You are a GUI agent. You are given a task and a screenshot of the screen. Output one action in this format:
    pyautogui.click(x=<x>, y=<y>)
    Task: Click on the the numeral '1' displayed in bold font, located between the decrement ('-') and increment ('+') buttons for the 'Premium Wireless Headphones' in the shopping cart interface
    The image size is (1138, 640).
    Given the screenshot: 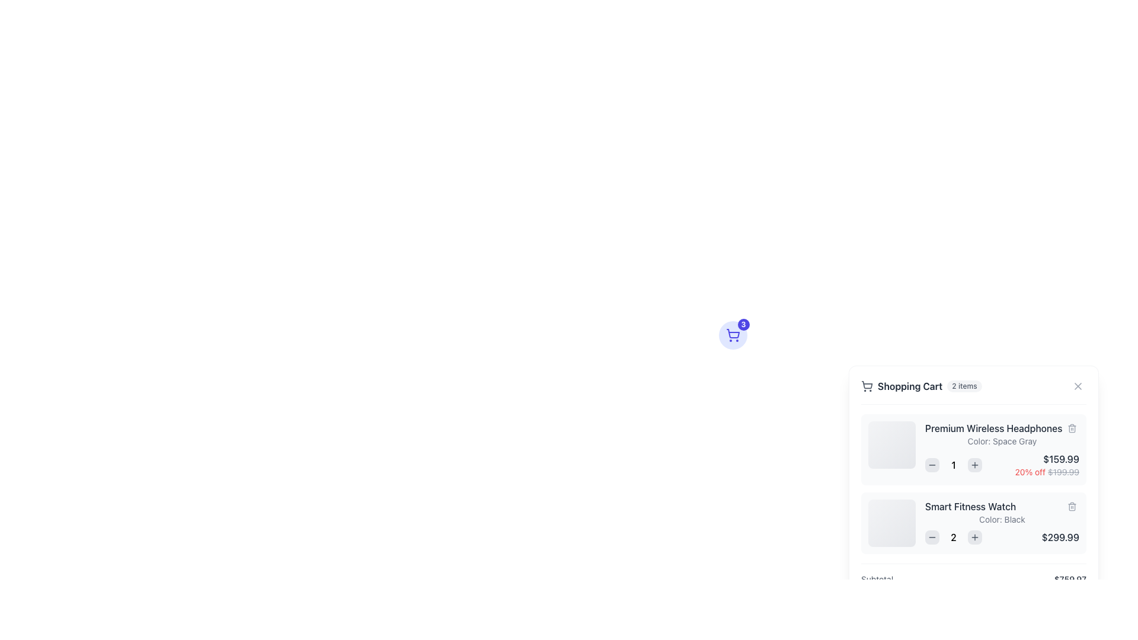 What is the action you would take?
    pyautogui.click(x=953, y=465)
    